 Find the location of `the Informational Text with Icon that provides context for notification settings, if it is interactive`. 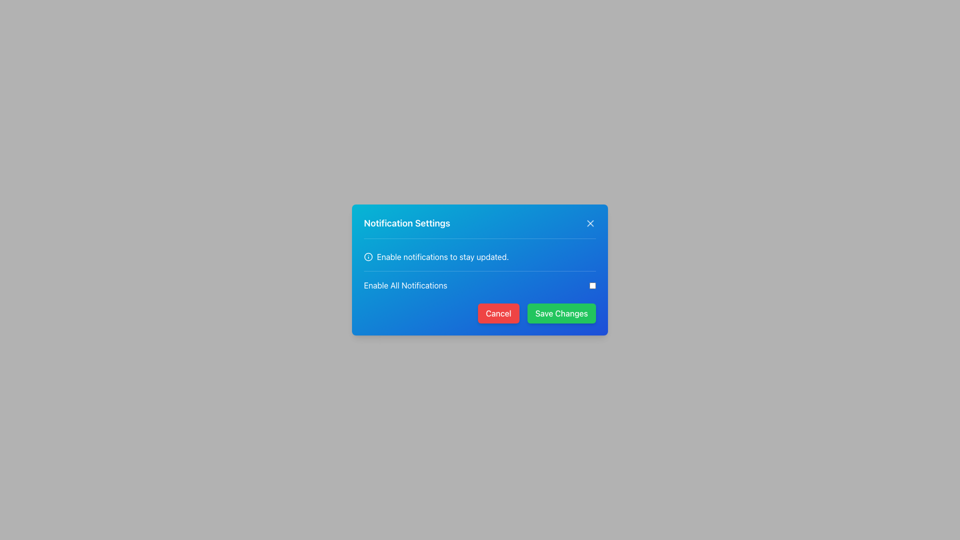

the Informational Text with Icon that provides context for notification settings, if it is interactive is located at coordinates (480, 256).